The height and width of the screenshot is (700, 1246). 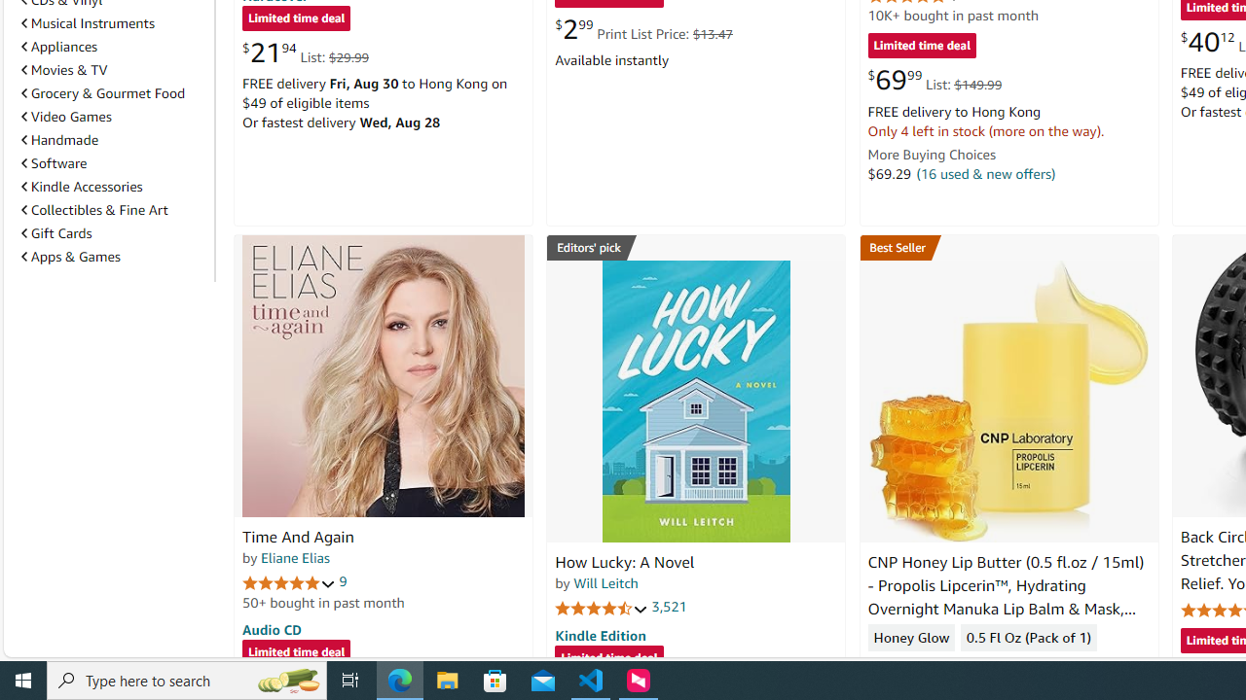 What do you see at coordinates (113, 231) in the screenshot?
I see `'Gift Cards'` at bounding box center [113, 231].